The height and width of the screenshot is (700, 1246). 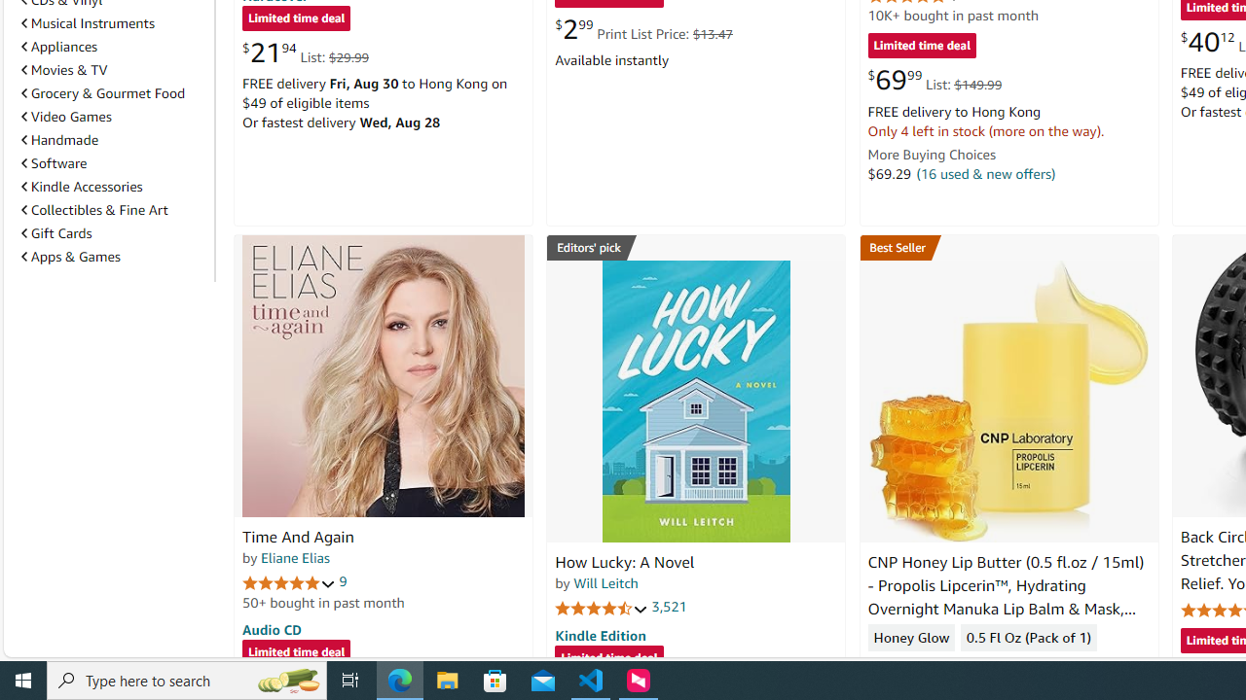 What do you see at coordinates (113, 231) in the screenshot?
I see `'Gift Cards'` at bounding box center [113, 231].